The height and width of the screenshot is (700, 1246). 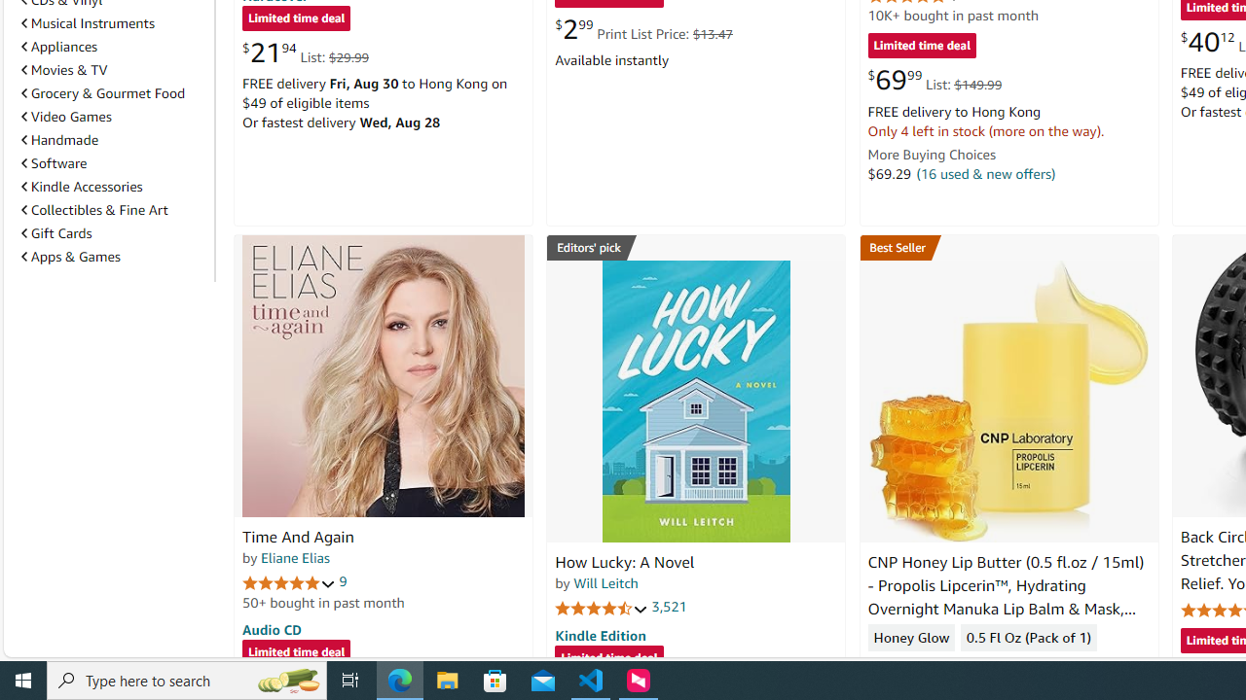 What do you see at coordinates (113, 231) in the screenshot?
I see `'Gift Cards'` at bounding box center [113, 231].